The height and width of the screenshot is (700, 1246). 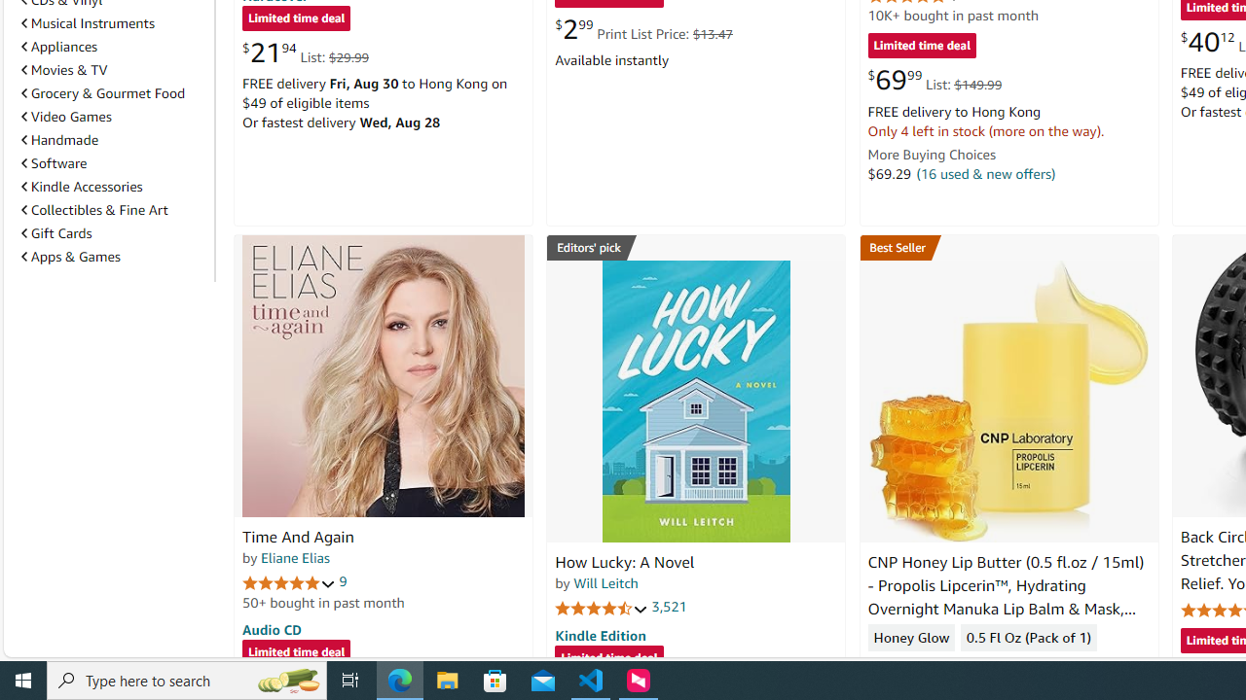 What do you see at coordinates (113, 231) in the screenshot?
I see `'Gift Cards'` at bounding box center [113, 231].